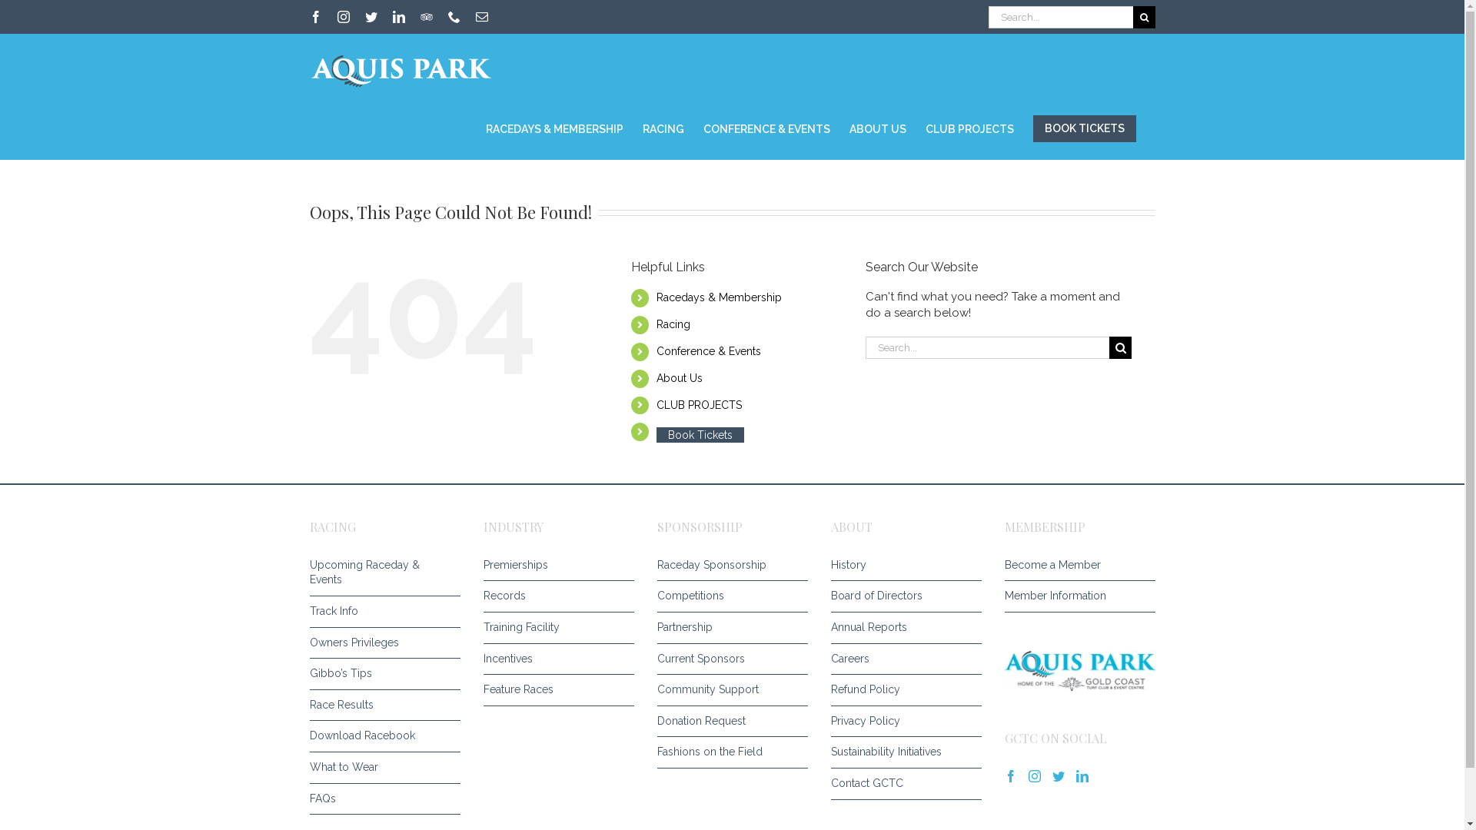 The height and width of the screenshot is (830, 1476). Describe the element at coordinates (707, 350) in the screenshot. I see `'Conference & Events'` at that location.